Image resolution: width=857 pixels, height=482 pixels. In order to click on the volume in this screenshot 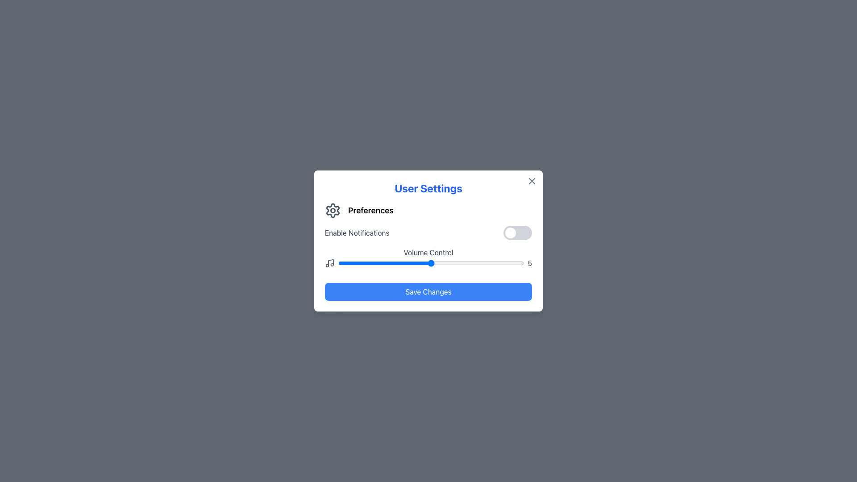, I will do `click(467, 263)`.